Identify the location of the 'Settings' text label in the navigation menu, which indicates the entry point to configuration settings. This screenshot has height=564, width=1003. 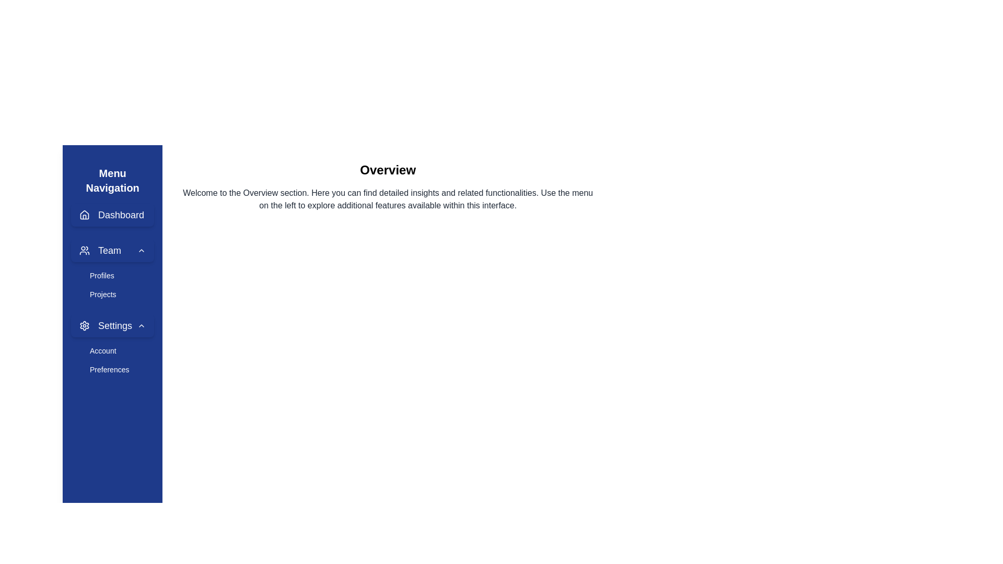
(118, 325).